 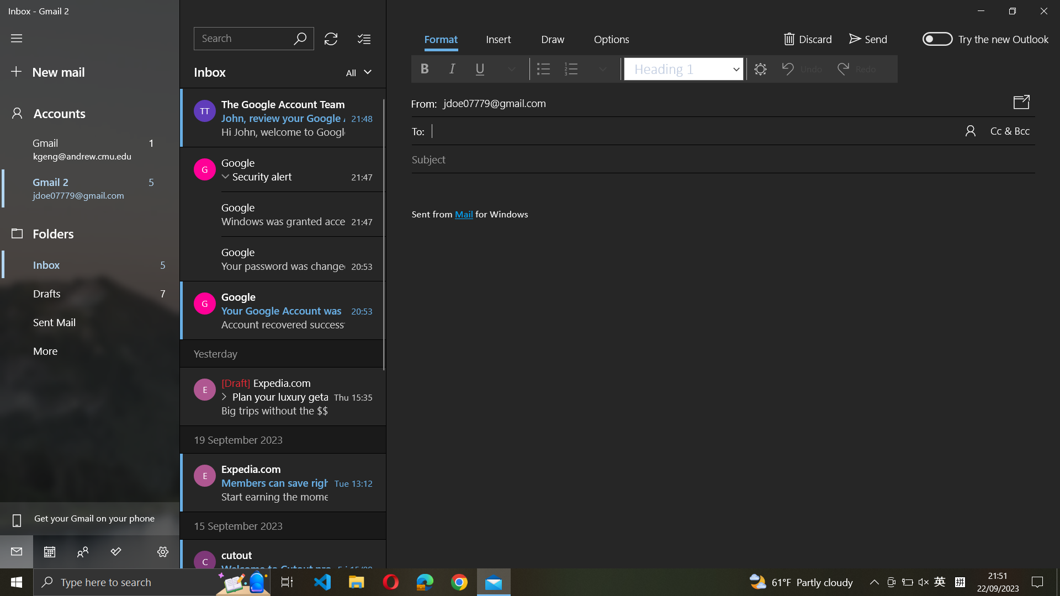 I want to click on Look for emails originating from Google, so click(x=253, y=38).